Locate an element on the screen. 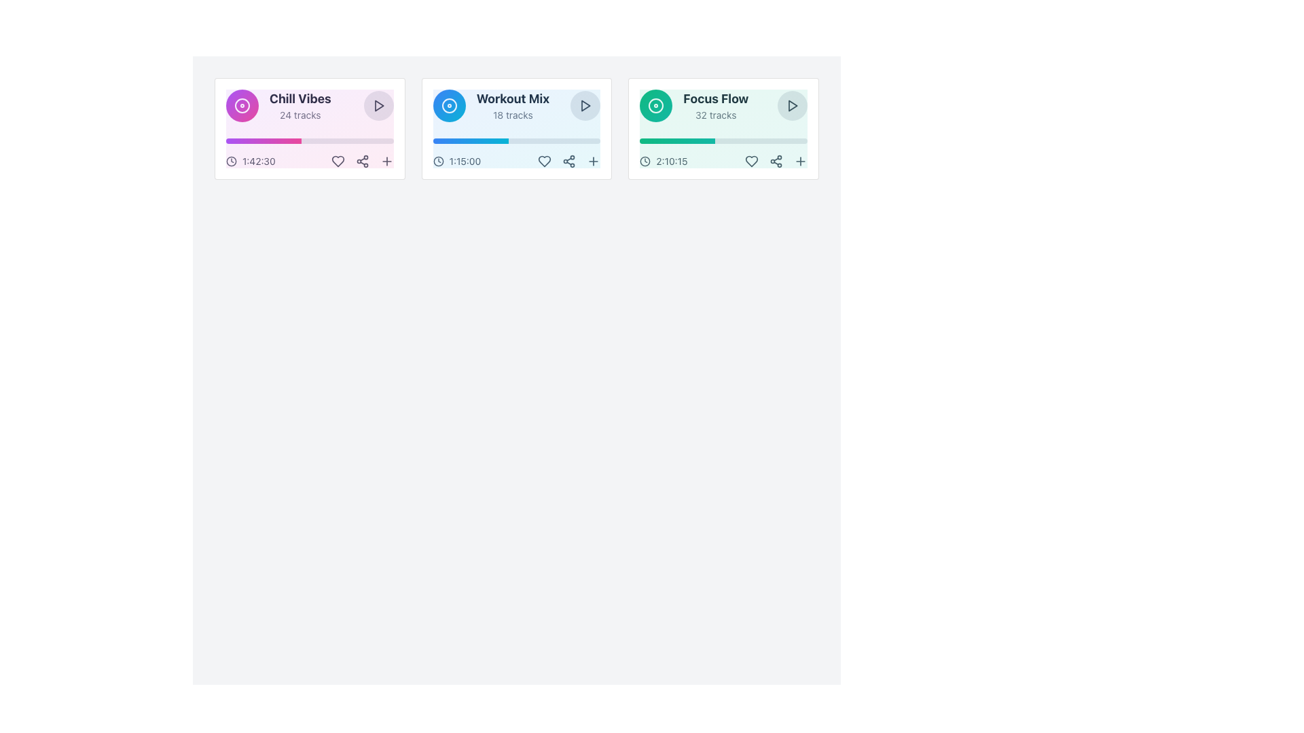 This screenshot has width=1304, height=733. the slider is located at coordinates (503, 141).